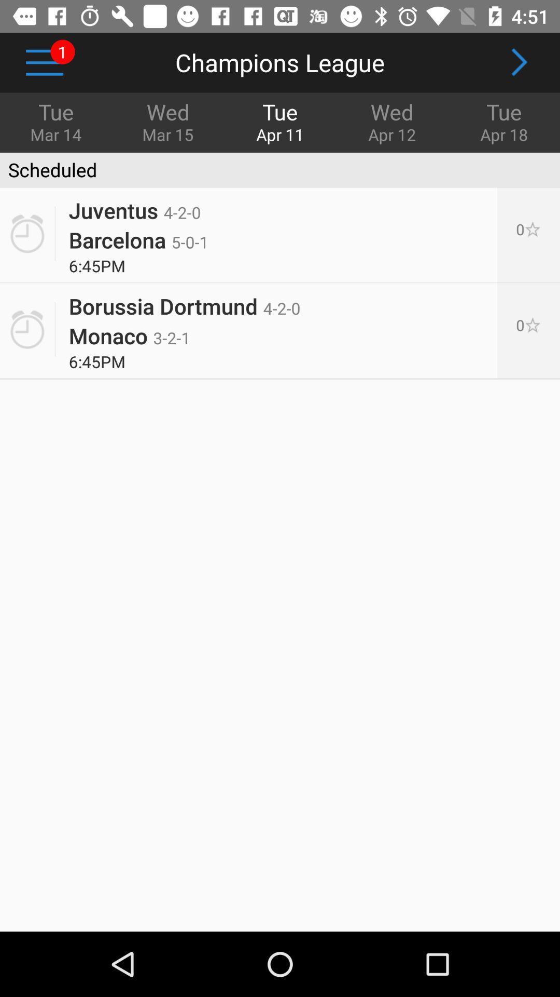 This screenshot has height=997, width=560. What do you see at coordinates (167, 121) in the screenshot?
I see `the icon below the champions league item` at bounding box center [167, 121].